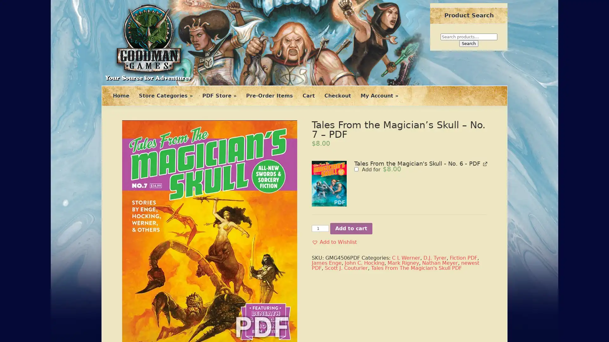  I want to click on Search, so click(469, 43).